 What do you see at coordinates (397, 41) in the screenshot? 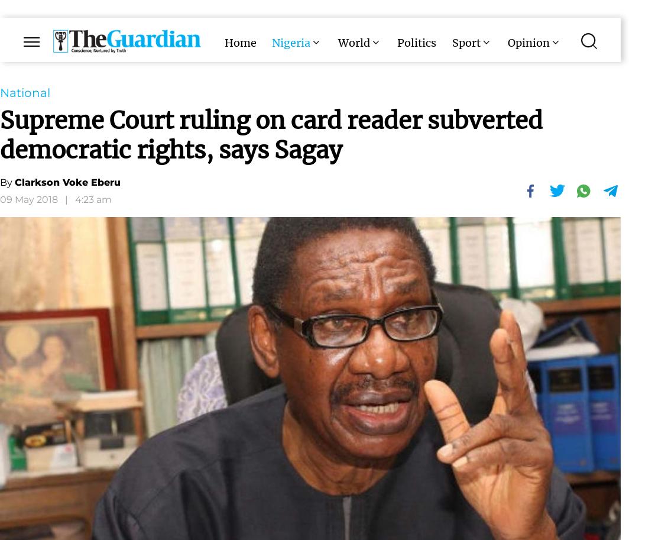
I see `'Politics'` at bounding box center [397, 41].